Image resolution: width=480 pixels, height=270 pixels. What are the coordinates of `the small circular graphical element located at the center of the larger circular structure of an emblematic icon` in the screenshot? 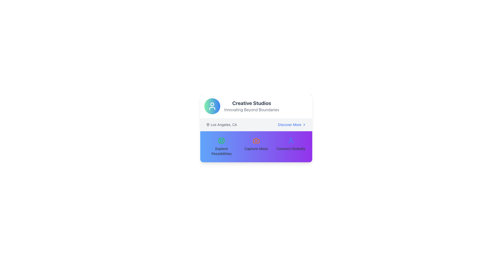 It's located at (221, 141).